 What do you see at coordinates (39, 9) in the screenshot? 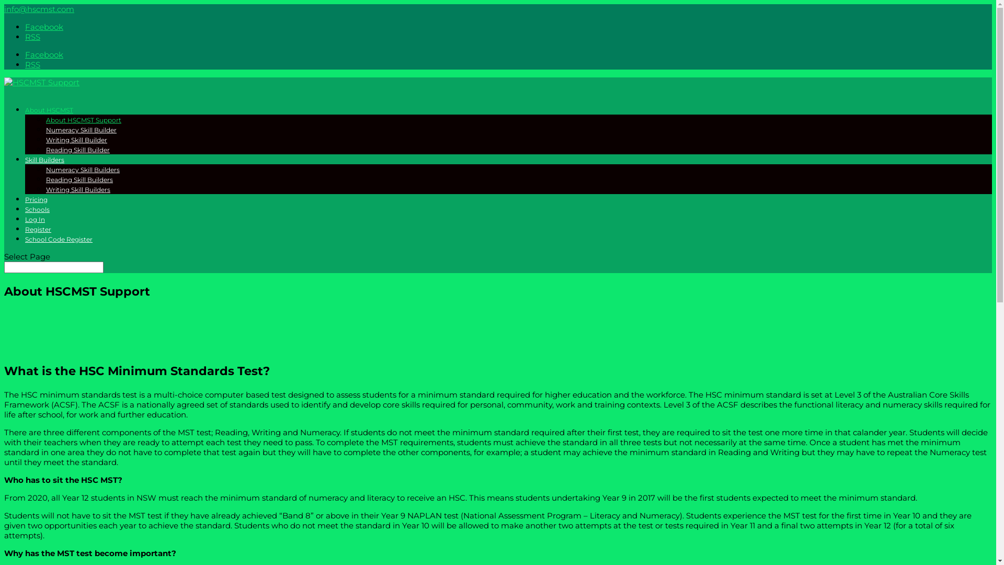
I see `'info@hscmst.com'` at bounding box center [39, 9].